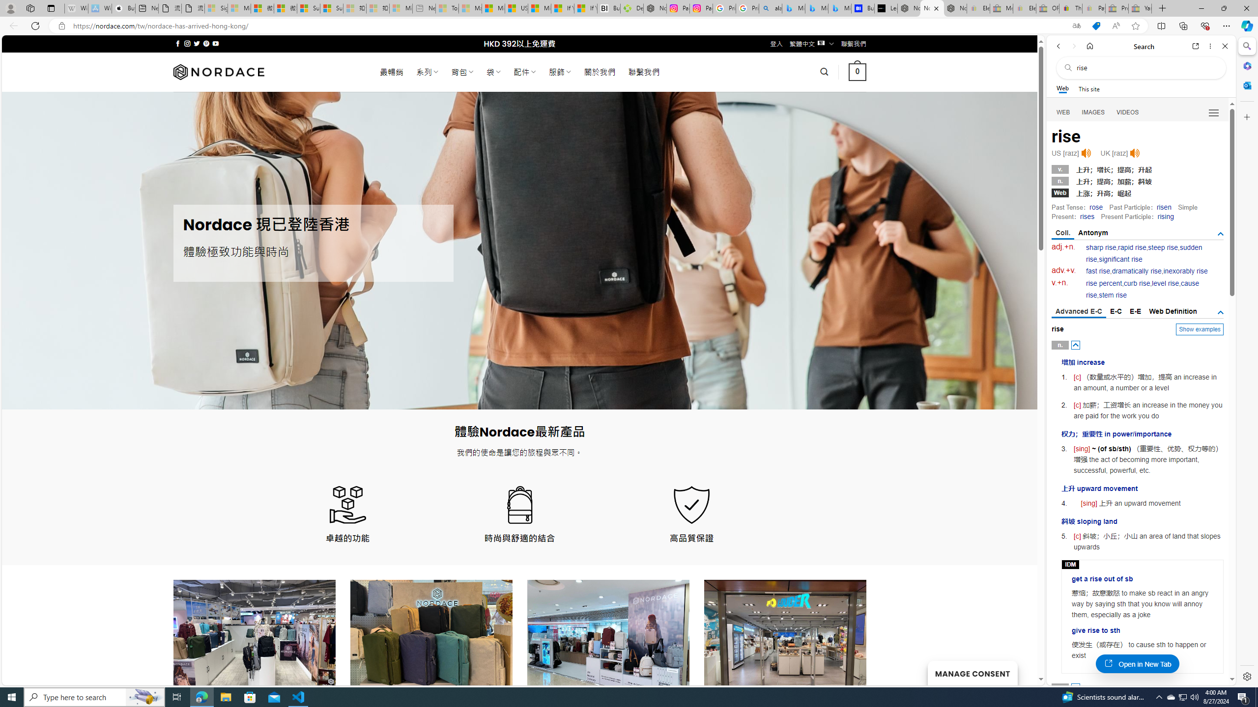 Image resolution: width=1258 pixels, height=707 pixels. I want to click on 'Coll.', so click(1062, 233).